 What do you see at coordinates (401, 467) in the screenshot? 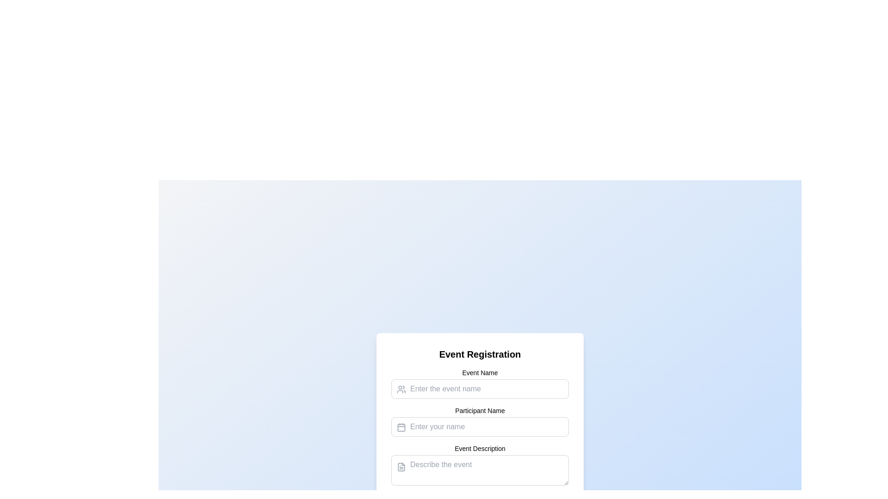
I see `the document icon located to the left of the 'Event Description' text input field in the 'Event Registration' form` at bounding box center [401, 467].